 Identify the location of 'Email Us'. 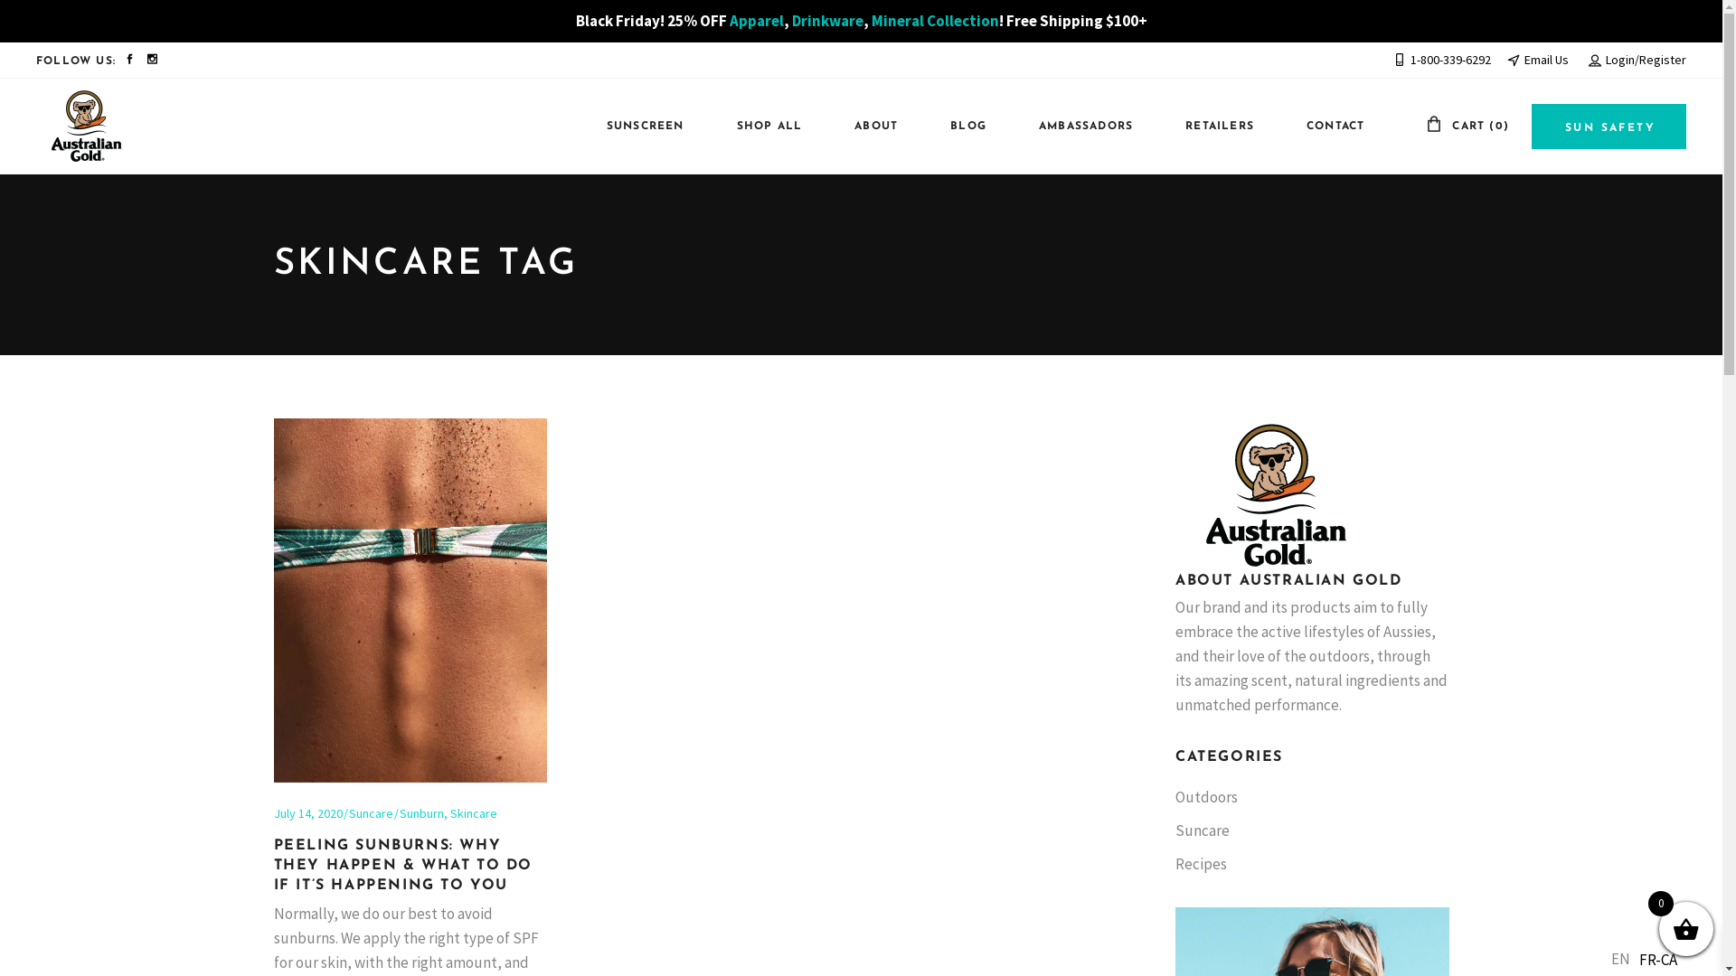
(1536, 58).